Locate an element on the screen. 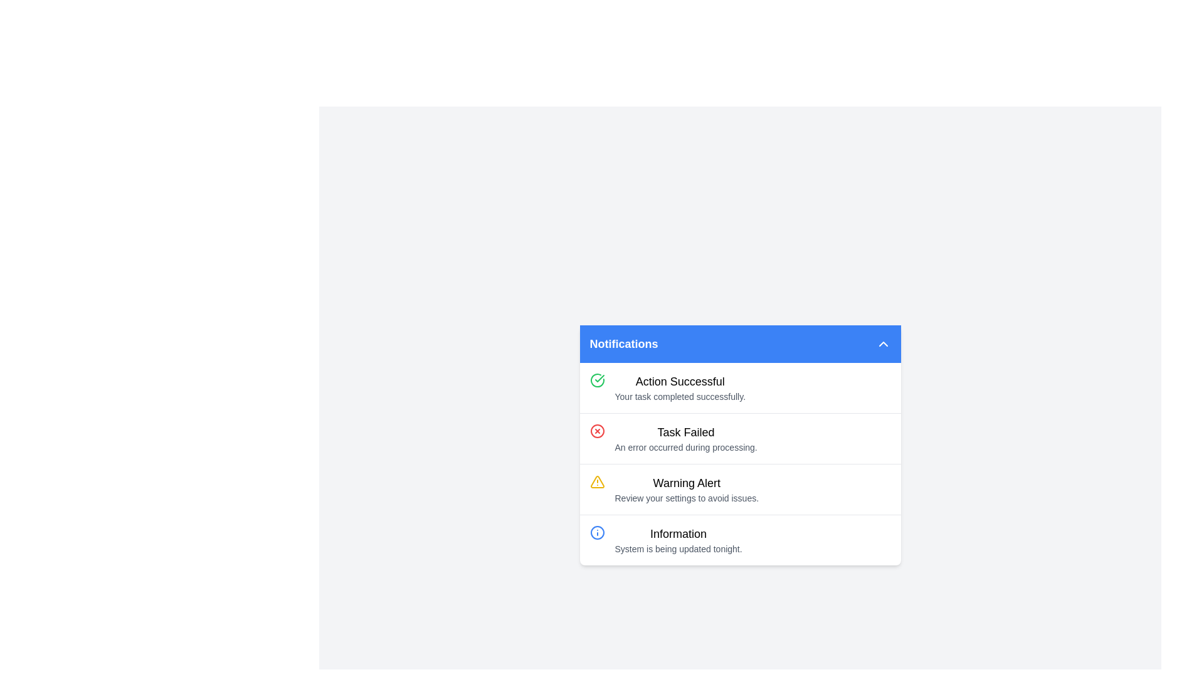 This screenshot has width=1204, height=677. the text label that provides an update message about a system update, located under the title 'Information' in the notification panel is located at coordinates (678, 548).